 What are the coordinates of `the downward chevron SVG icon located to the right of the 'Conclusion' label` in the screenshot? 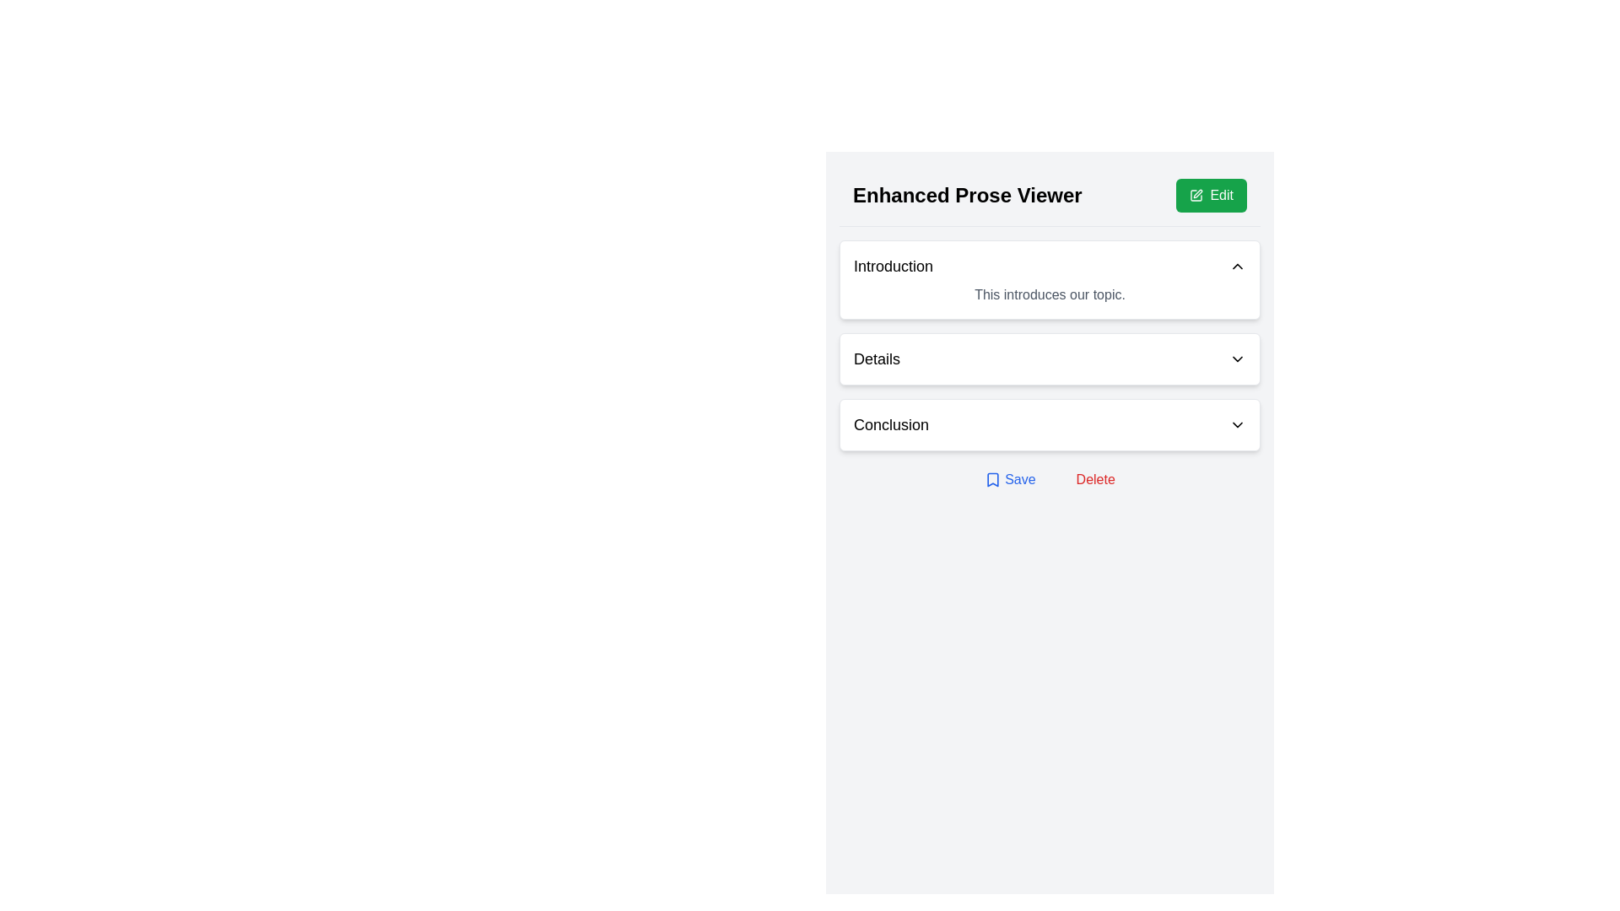 It's located at (1238, 424).